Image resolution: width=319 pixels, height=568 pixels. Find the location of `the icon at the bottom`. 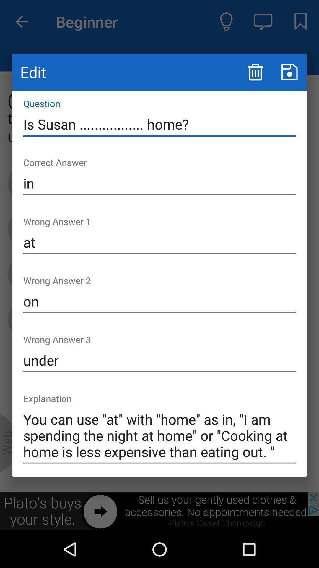

the icon at the bottom is located at coordinates (159, 436).